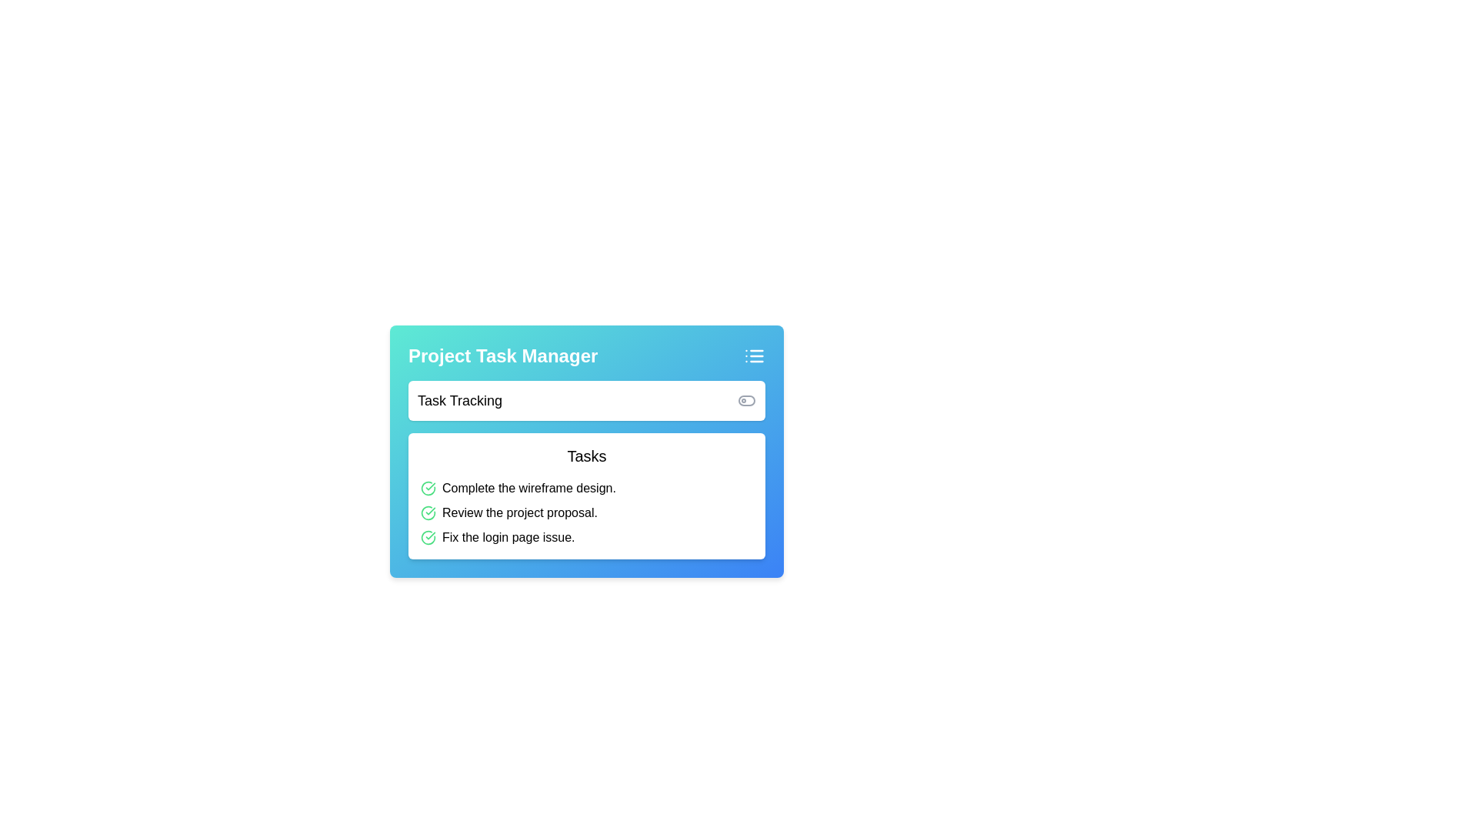  What do you see at coordinates (428, 489) in the screenshot?
I see `the circular green icon with a checkmark inside, located to the left of the text 'Complete the wireframe design.' in the 'Tasks' section` at bounding box center [428, 489].